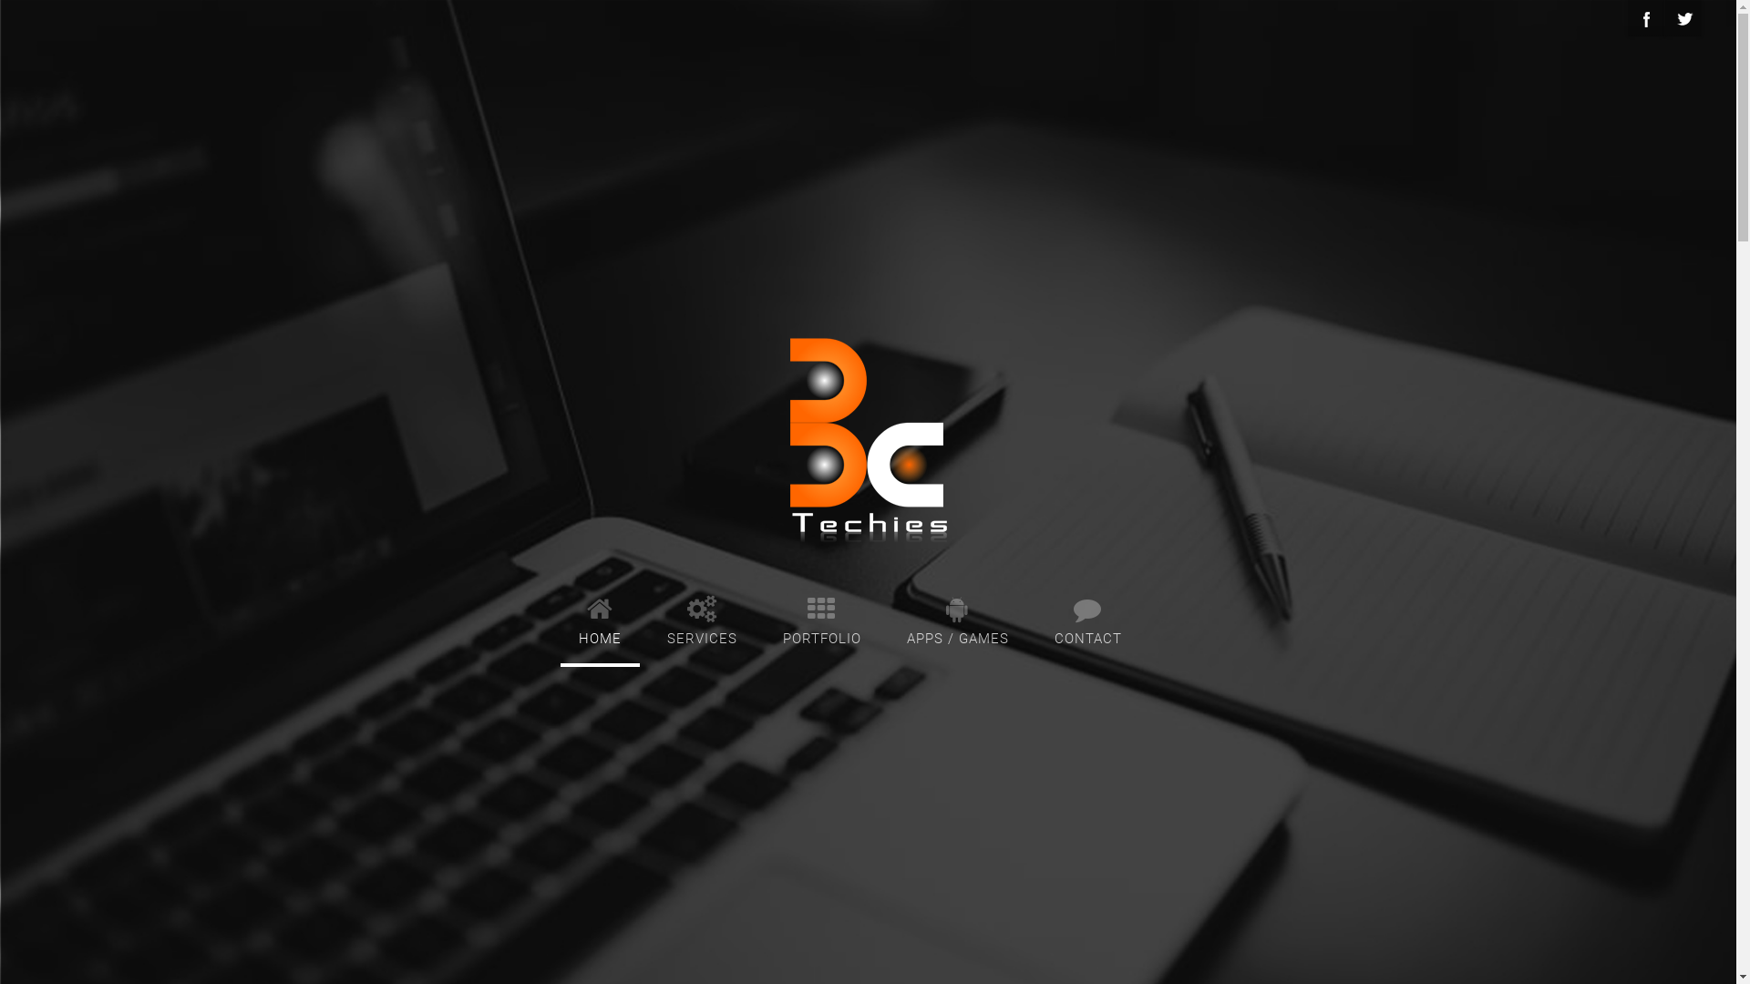  What do you see at coordinates (1645, 17) in the screenshot?
I see `'Facebook'` at bounding box center [1645, 17].